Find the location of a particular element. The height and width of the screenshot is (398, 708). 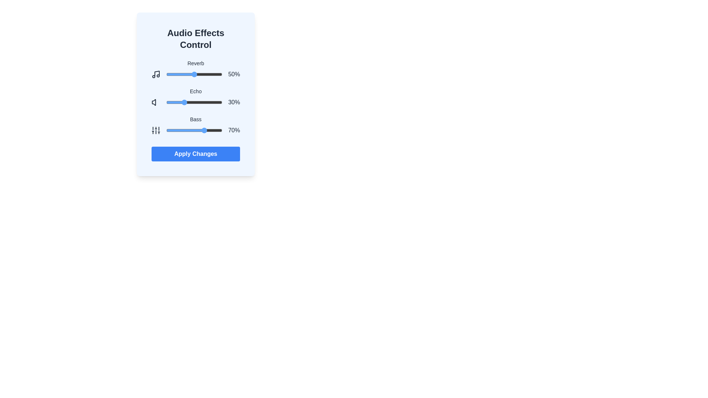

bass is located at coordinates (174, 130).